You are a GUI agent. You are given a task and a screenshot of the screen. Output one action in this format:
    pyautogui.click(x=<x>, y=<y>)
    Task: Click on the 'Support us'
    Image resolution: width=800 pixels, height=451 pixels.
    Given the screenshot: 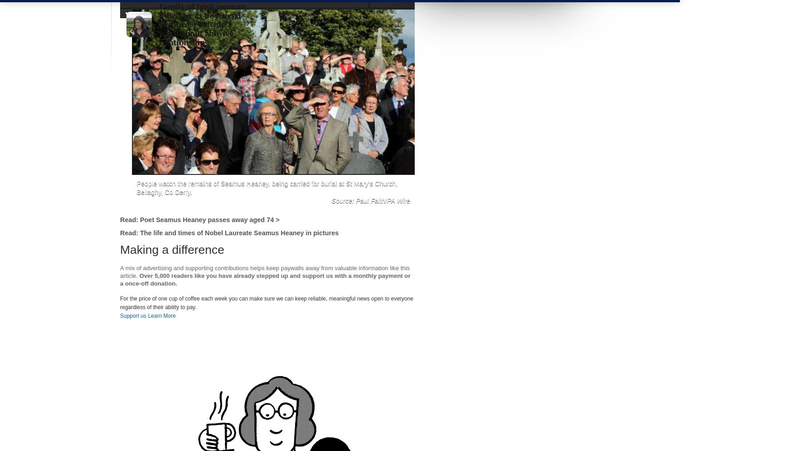 What is the action you would take?
    pyautogui.click(x=119, y=315)
    